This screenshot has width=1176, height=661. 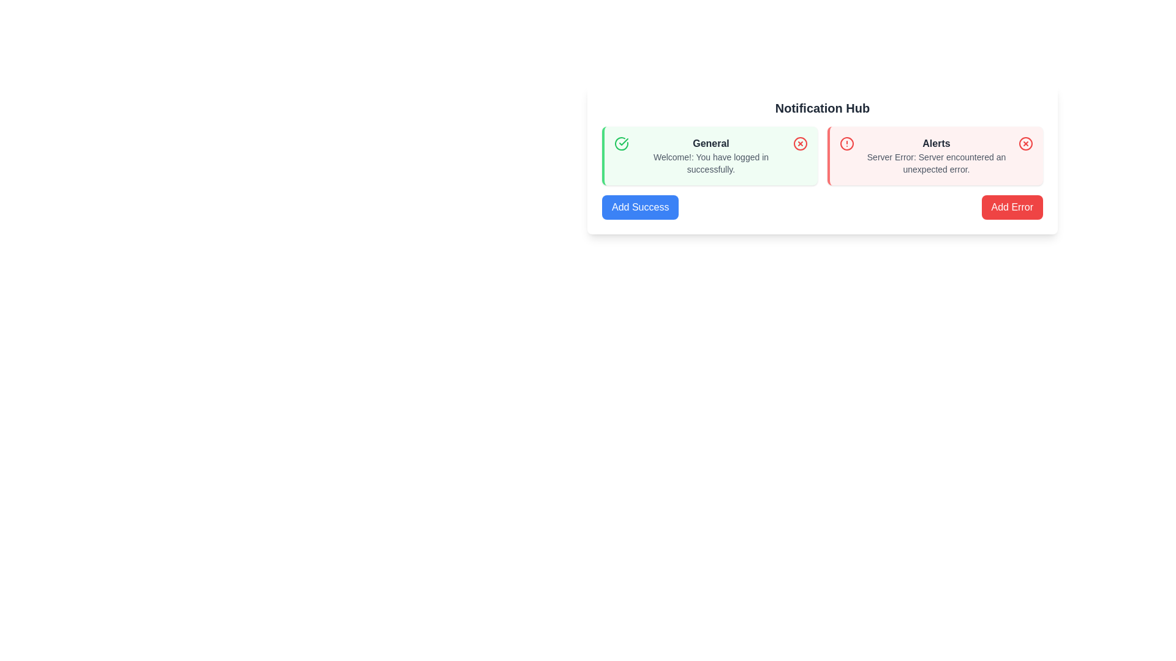 What do you see at coordinates (711, 155) in the screenshot?
I see `the Informational notification text block located in the left notification card of the notification hub, which provides feedback on a successful login action` at bounding box center [711, 155].